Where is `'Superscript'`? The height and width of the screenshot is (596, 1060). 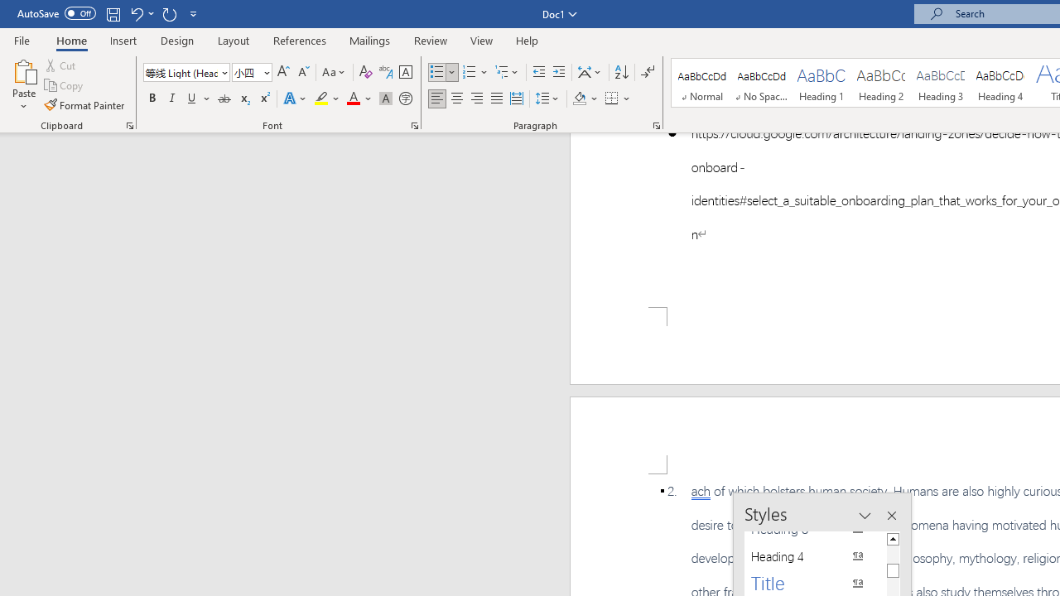
'Superscript' is located at coordinates (263, 99).